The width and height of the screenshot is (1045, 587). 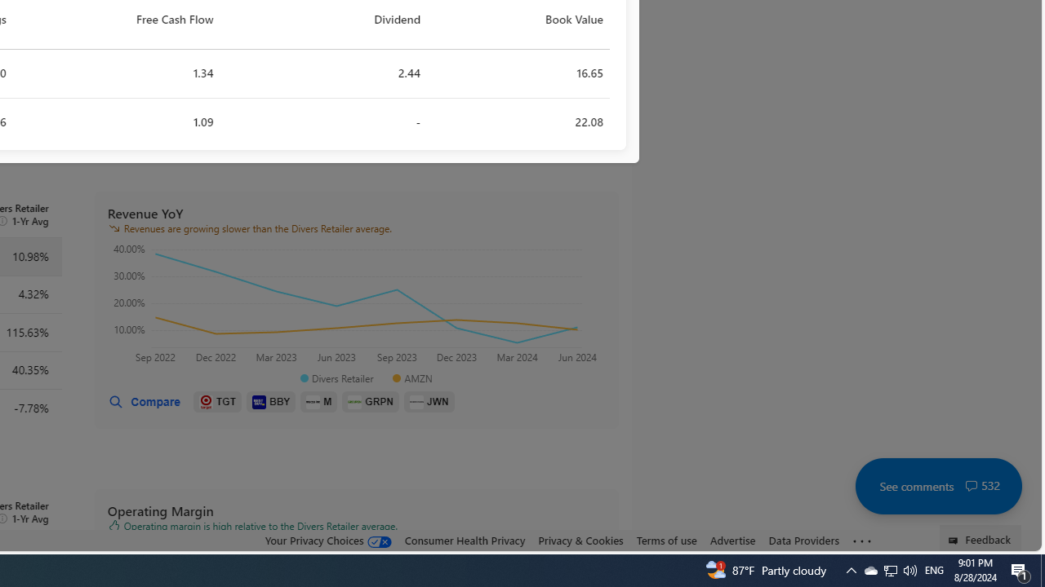 I want to click on 'TGT', so click(x=216, y=402).